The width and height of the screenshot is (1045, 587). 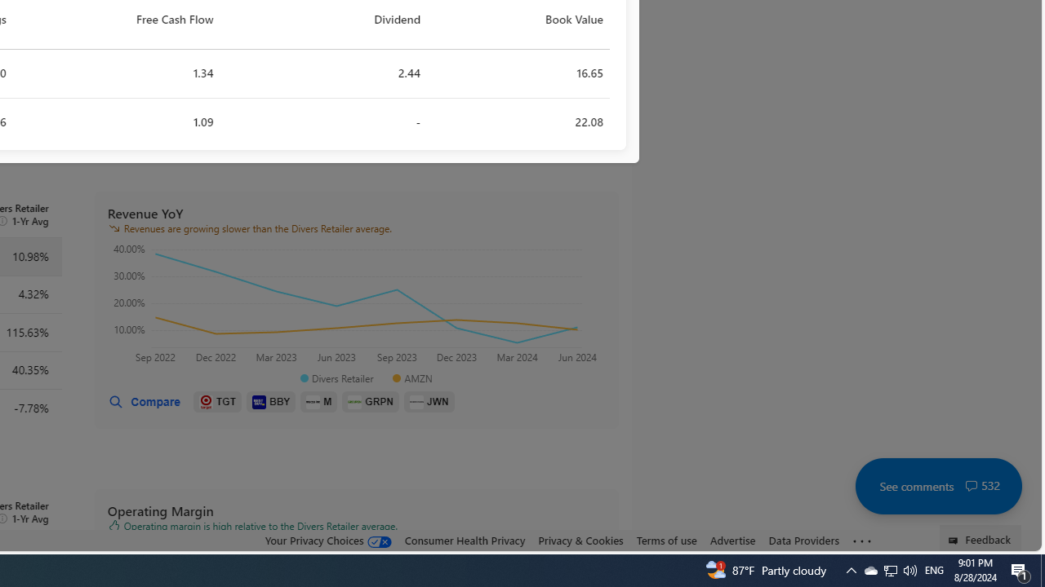 I want to click on 'TGT', so click(x=216, y=402).